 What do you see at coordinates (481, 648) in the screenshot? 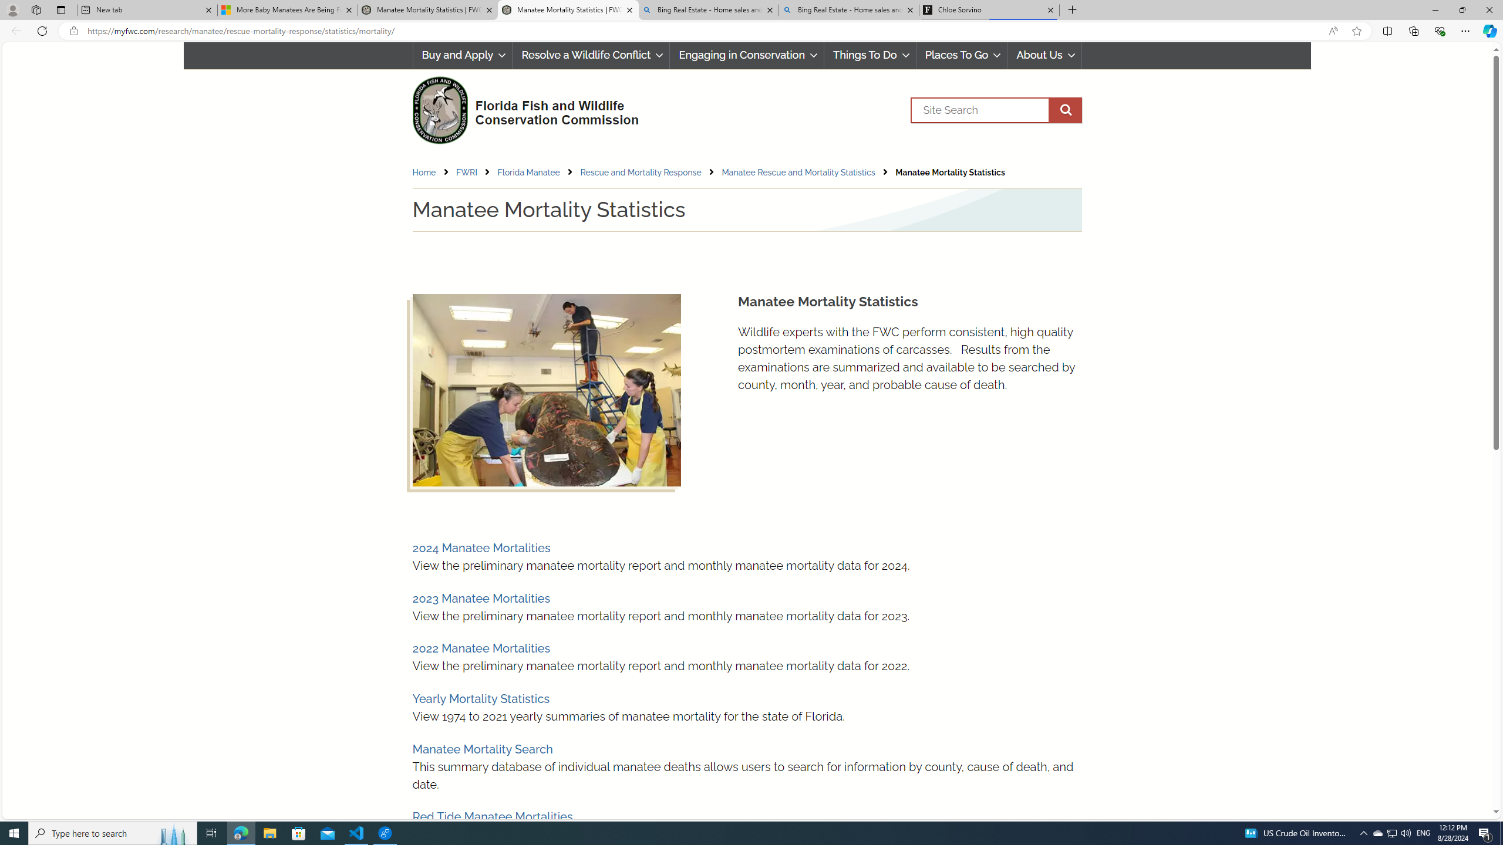
I see `'2022 Manatee Mortalities'` at bounding box center [481, 648].